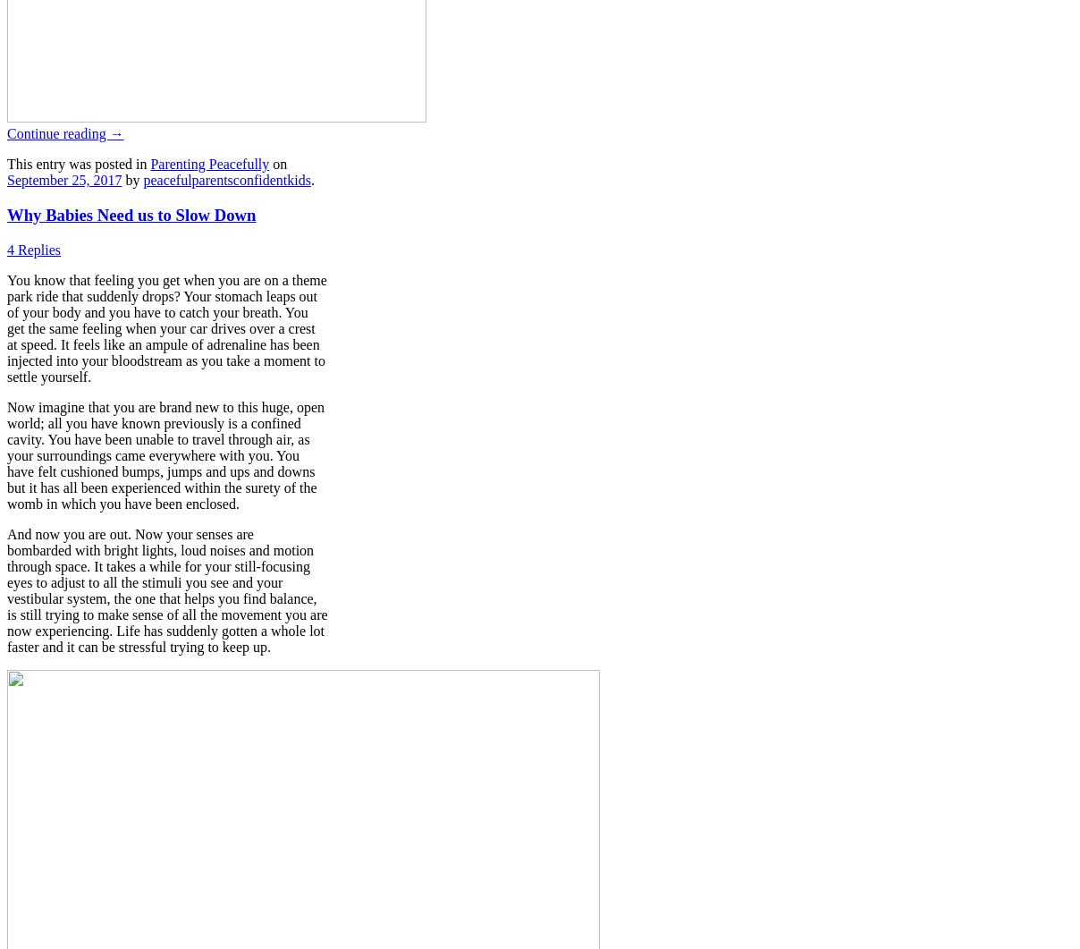 This screenshot has height=949, width=1080. I want to click on 'peacefulparentsconfidentkids', so click(226, 179).